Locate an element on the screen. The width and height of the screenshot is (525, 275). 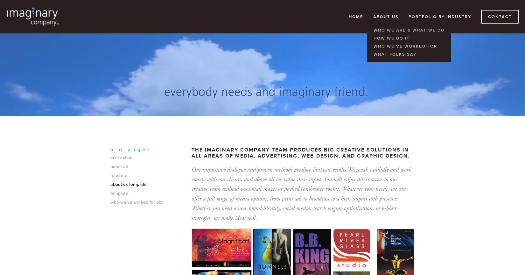
'who we've worked for OLD' is located at coordinates (136, 201).